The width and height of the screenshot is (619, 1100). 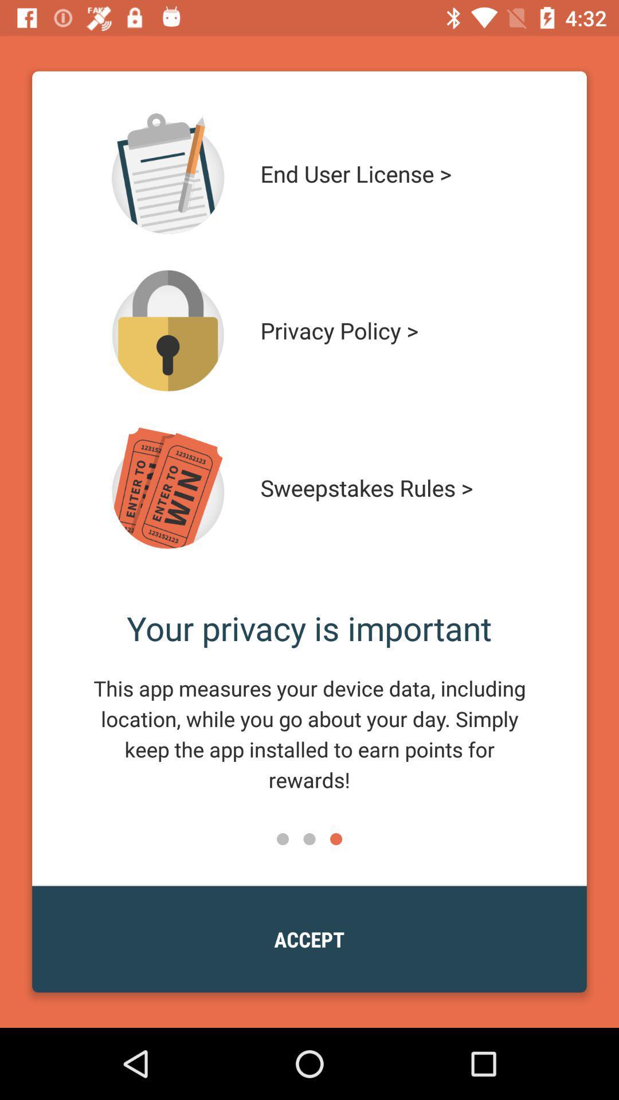 I want to click on text to be read, so click(x=168, y=173).